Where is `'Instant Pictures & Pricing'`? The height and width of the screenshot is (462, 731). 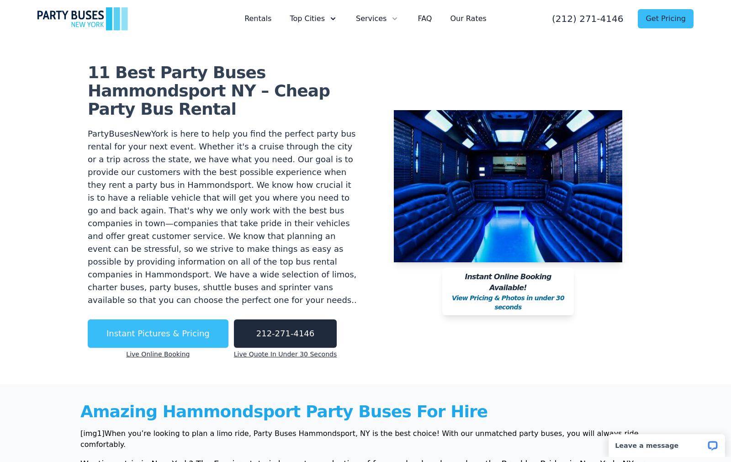
'Instant Pictures & Pricing' is located at coordinates (158, 332).